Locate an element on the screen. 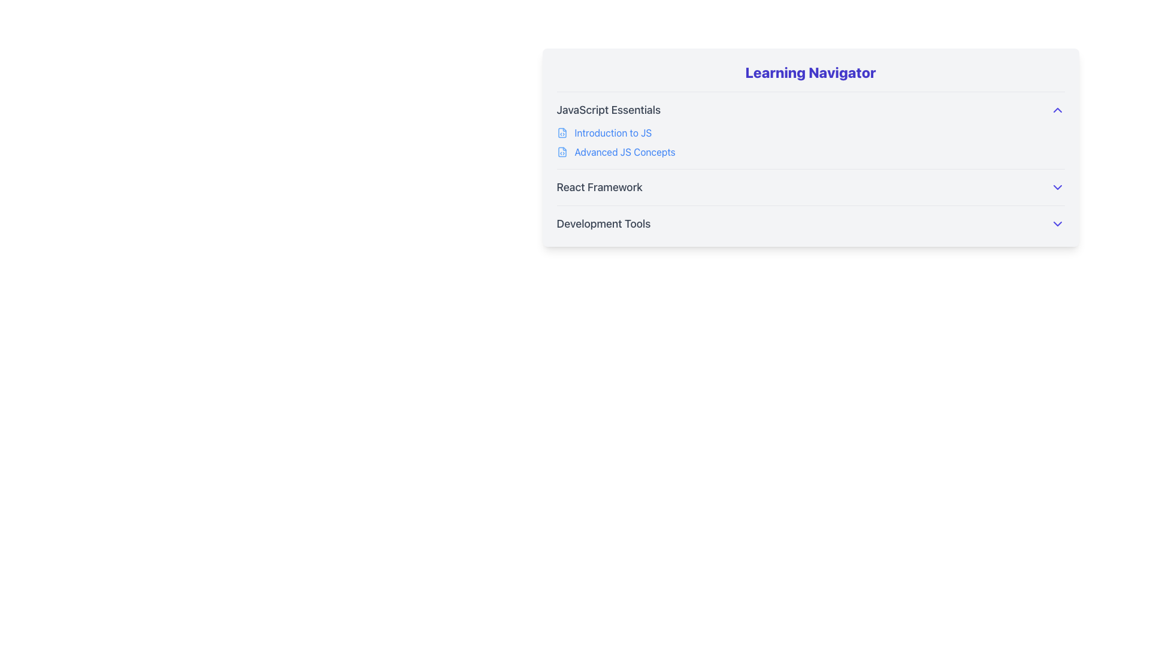 The image size is (1150, 647). the static text element styled as a heading with the content 'JavaScript Essentials' located within the 'Learning Navigator' section is located at coordinates (609, 110).